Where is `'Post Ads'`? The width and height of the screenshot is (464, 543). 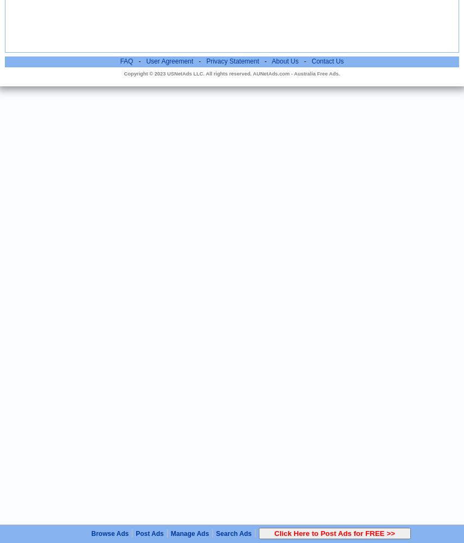
'Post Ads' is located at coordinates (149, 533).